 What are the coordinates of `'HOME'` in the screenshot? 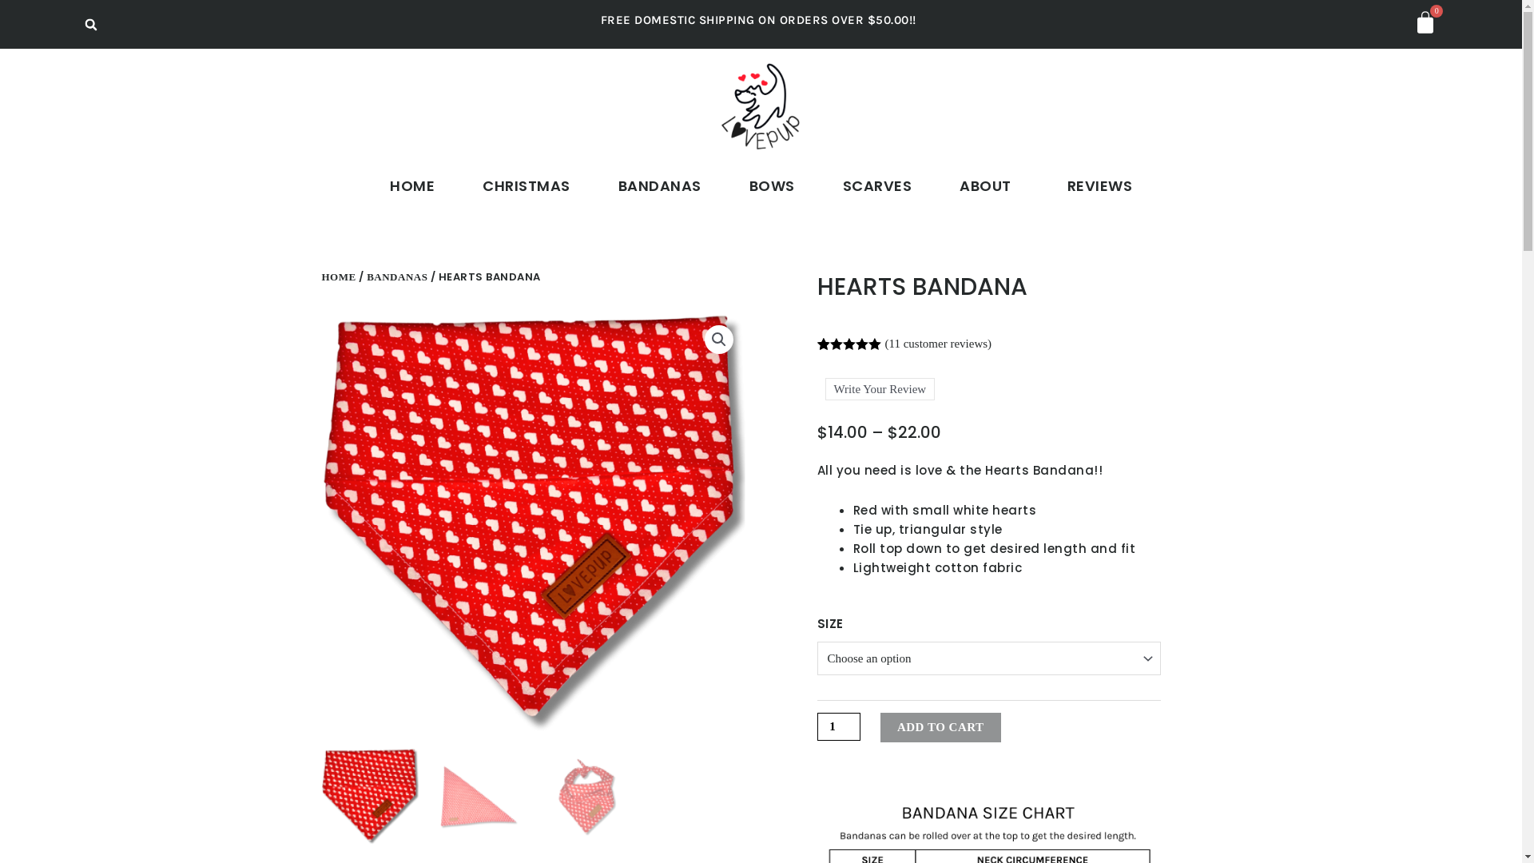 It's located at (411, 185).